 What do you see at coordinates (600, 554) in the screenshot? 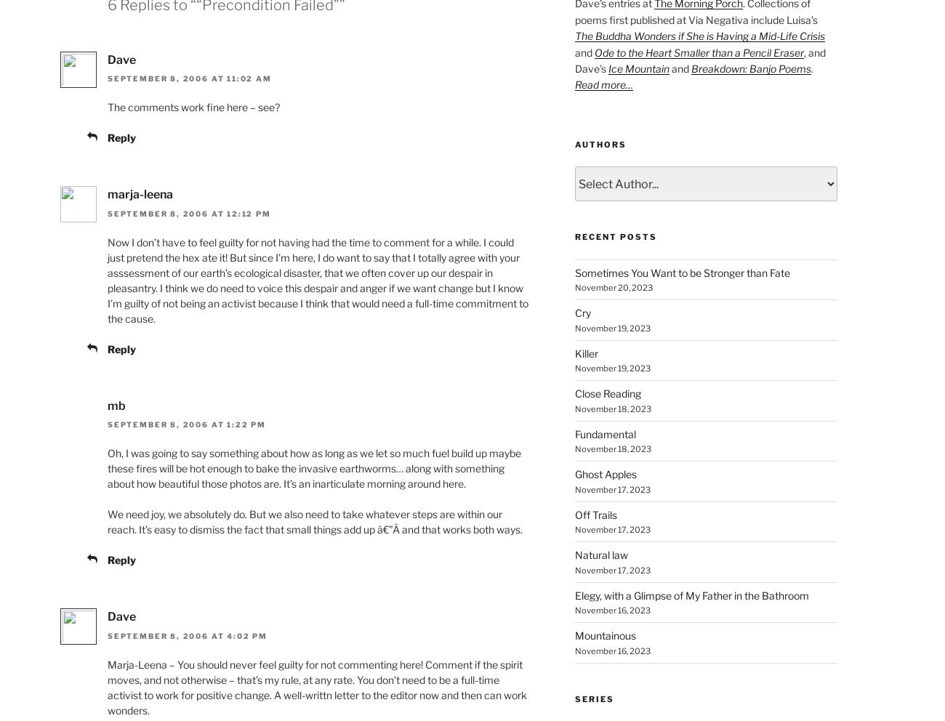
I see `'Natural law'` at bounding box center [600, 554].